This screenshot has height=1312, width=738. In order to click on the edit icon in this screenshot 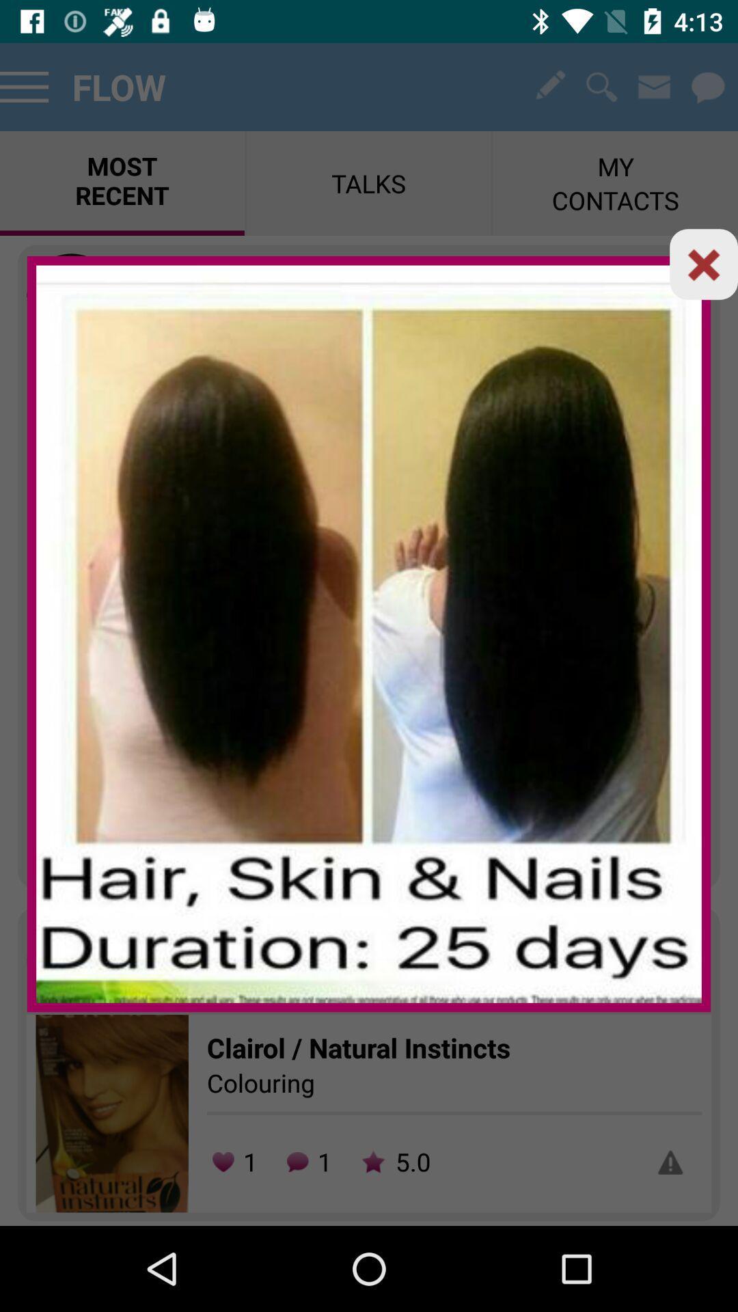, I will do `click(550, 84)`.